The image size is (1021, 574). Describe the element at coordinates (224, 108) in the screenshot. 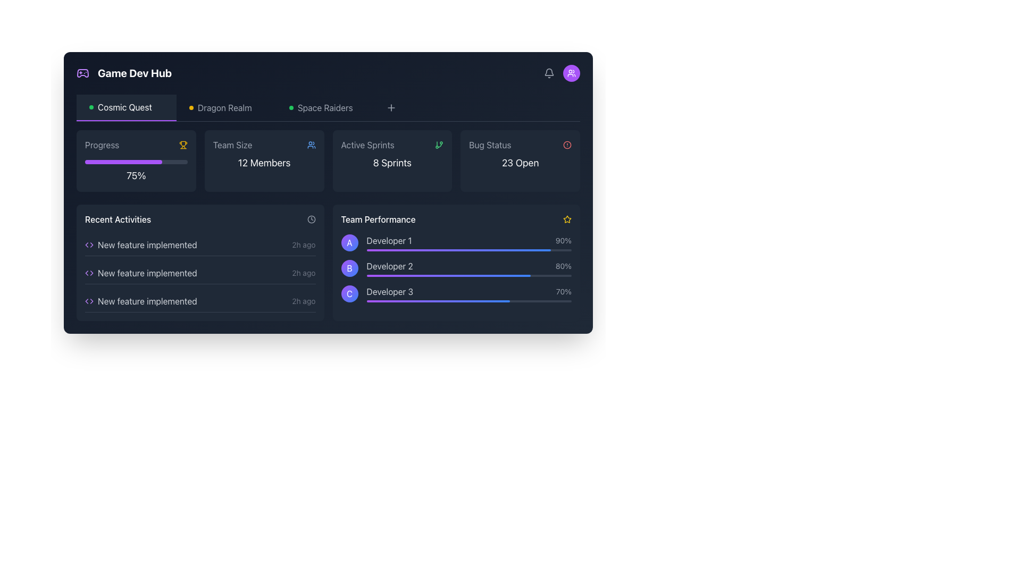

I see `the 'Dragon Realm' text label, which is styled in a standard font and appears in a horizontal layout next to a small yellow circular notification icon` at that location.